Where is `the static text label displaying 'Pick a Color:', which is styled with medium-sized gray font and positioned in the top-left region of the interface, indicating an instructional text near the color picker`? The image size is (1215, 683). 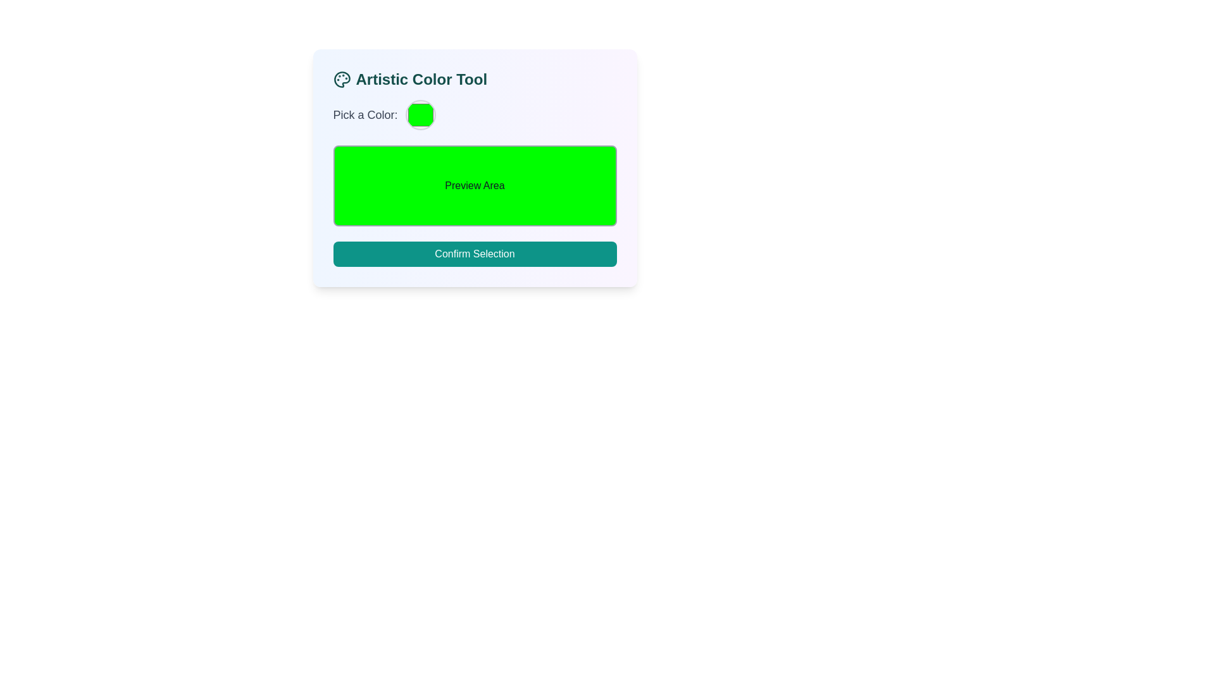 the static text label displaying 'Pick a Color:', which is styled with medium-sized gray font and positioned in the top-left region of the interface, indicating an instructional text near the color picker is located at coordinates (364, 114).